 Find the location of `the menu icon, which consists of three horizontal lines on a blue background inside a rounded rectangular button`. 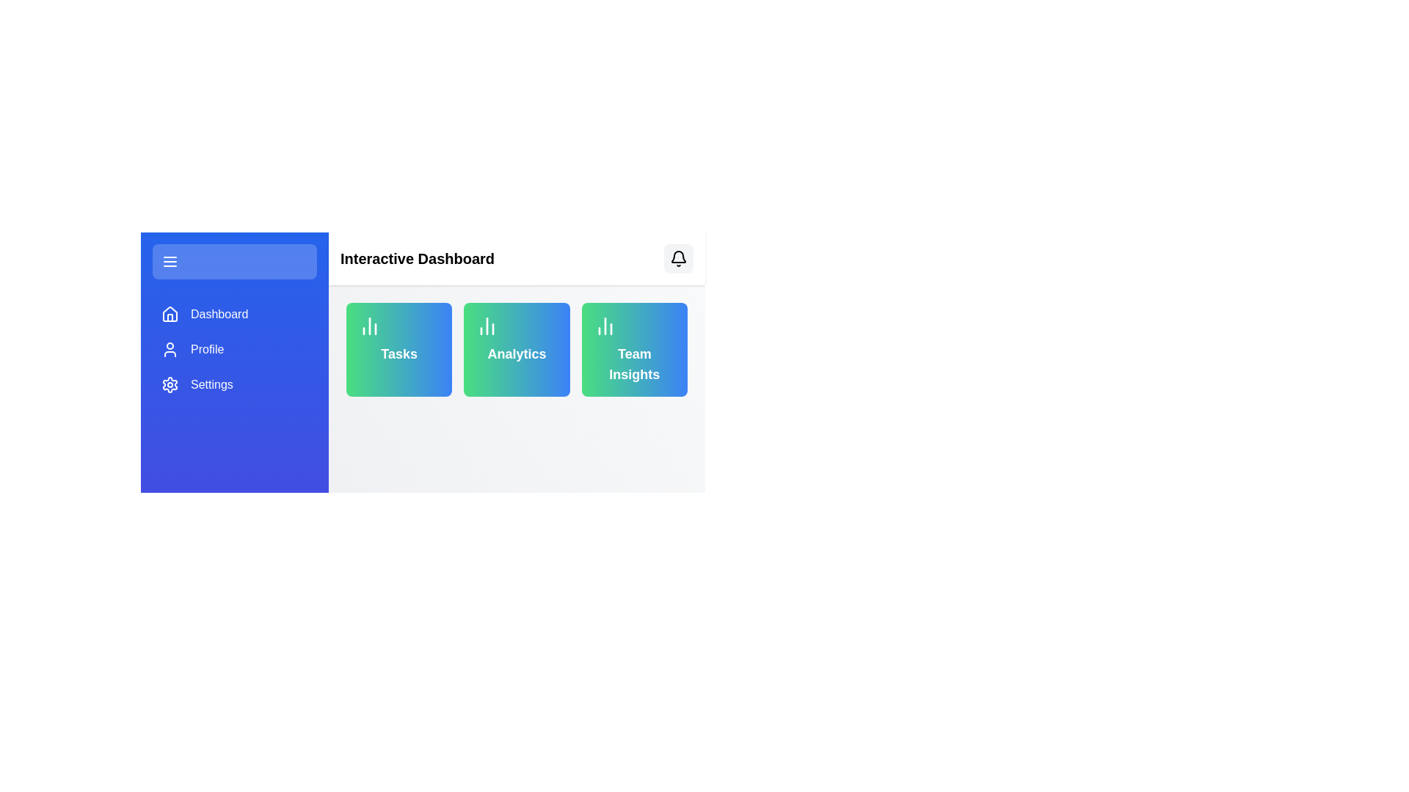

the menu icon, which consists of three horizontal lines on a blue background inside a rounded rectangular button is located at coordinates (170, 261).